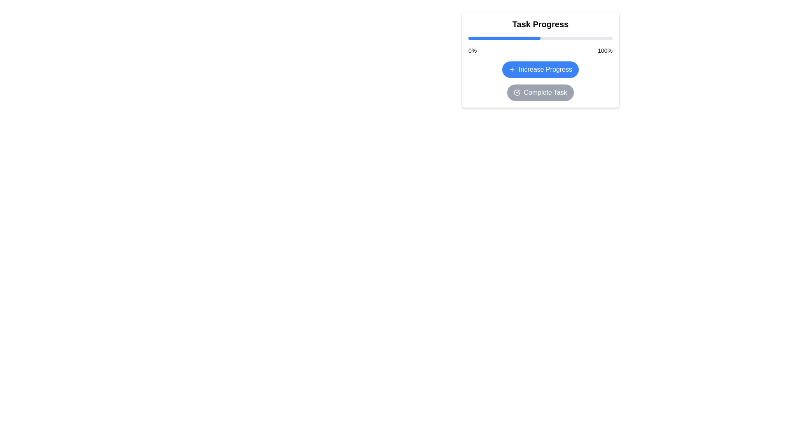 The width and height of the screenshot is (791, 445). Describe the element at coordinates (540, 51) in the screenshot. I see `the textual indicators displaying '0%' and '100%' progress values located below the progress bar in the 'Task Progress' section` at that location.